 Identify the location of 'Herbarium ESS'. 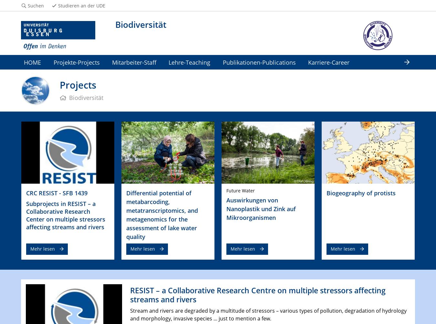
(44, 77).